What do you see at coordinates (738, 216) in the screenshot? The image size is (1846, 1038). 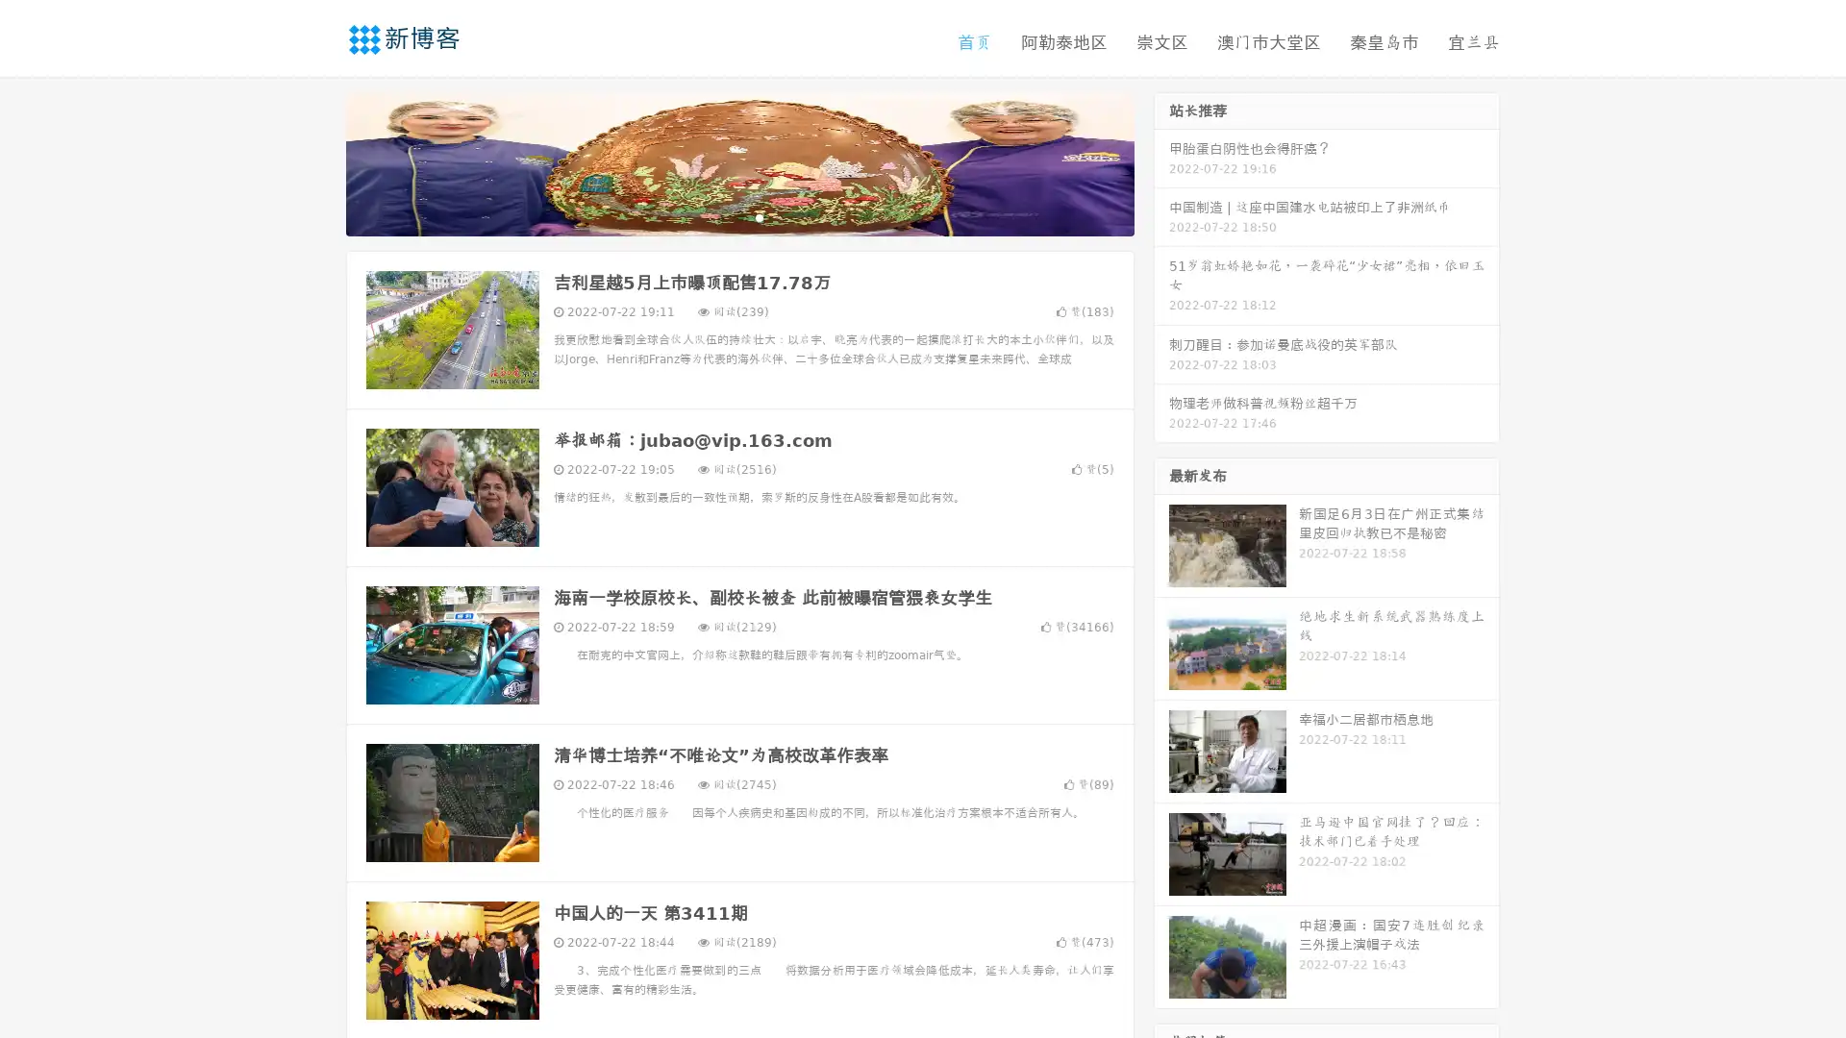 I see `Go to slide 2` at bounding box center [738, 216].